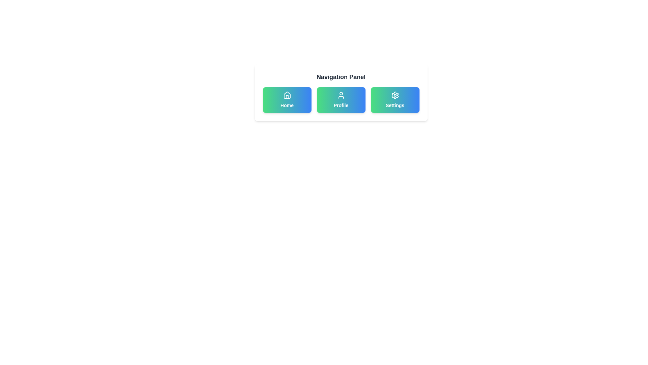 This screenshot has width=648, height=365. Describe the element at coordinates (395, 100) in the screenshot. I see `the third button in the navigation panel` at that location.